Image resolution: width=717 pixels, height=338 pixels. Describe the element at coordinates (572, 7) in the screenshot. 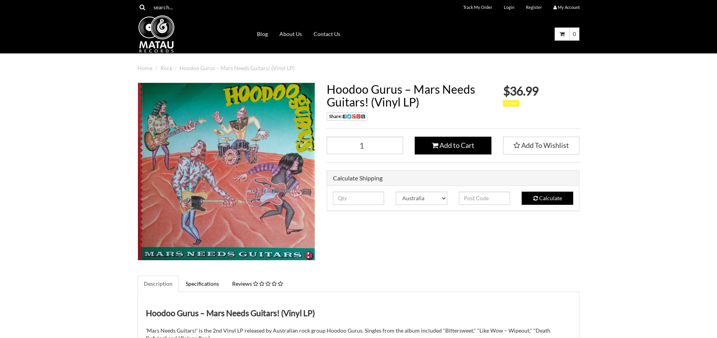

I see `'Account'` at that location.